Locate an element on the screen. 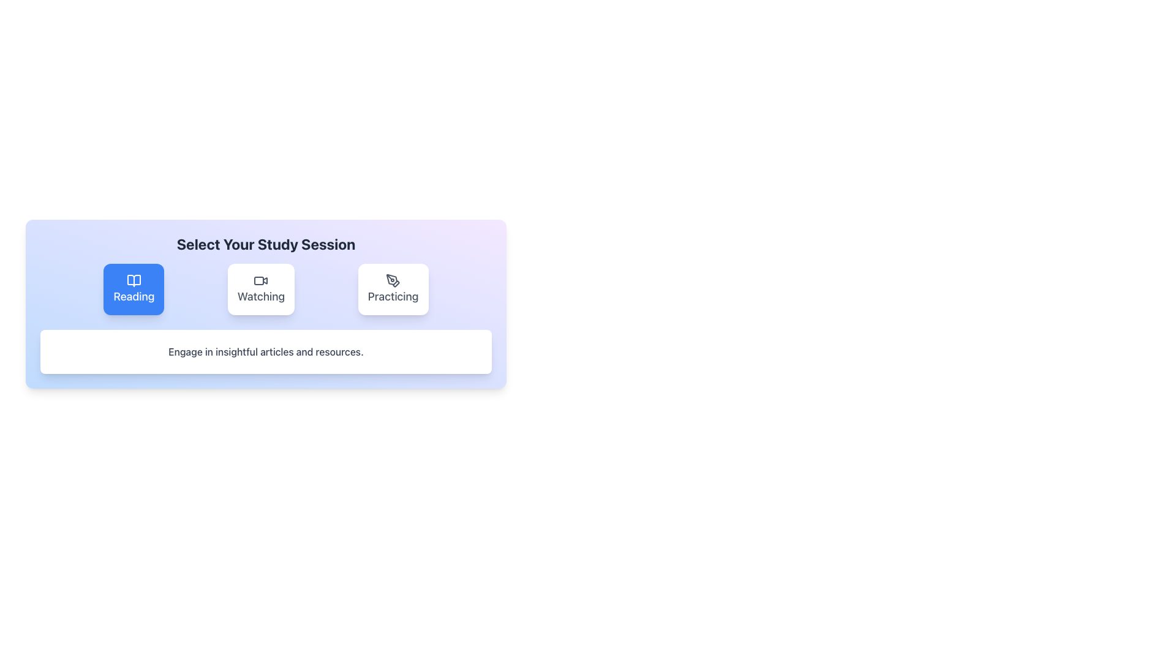 The image size is (1176, 661). the central button in the row of three buttons labeled 'Watching' mode to trigger hover effects is located at coordinates (265, 289).